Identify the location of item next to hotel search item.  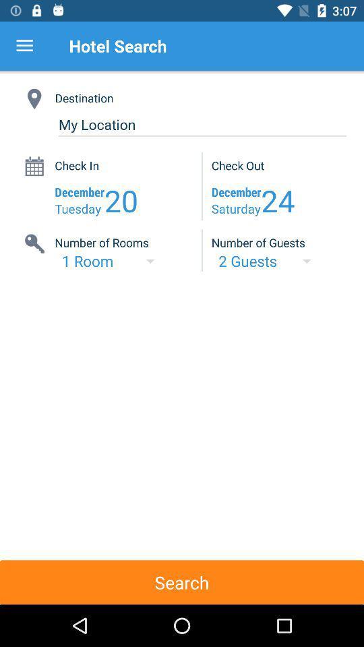
(24, 46).